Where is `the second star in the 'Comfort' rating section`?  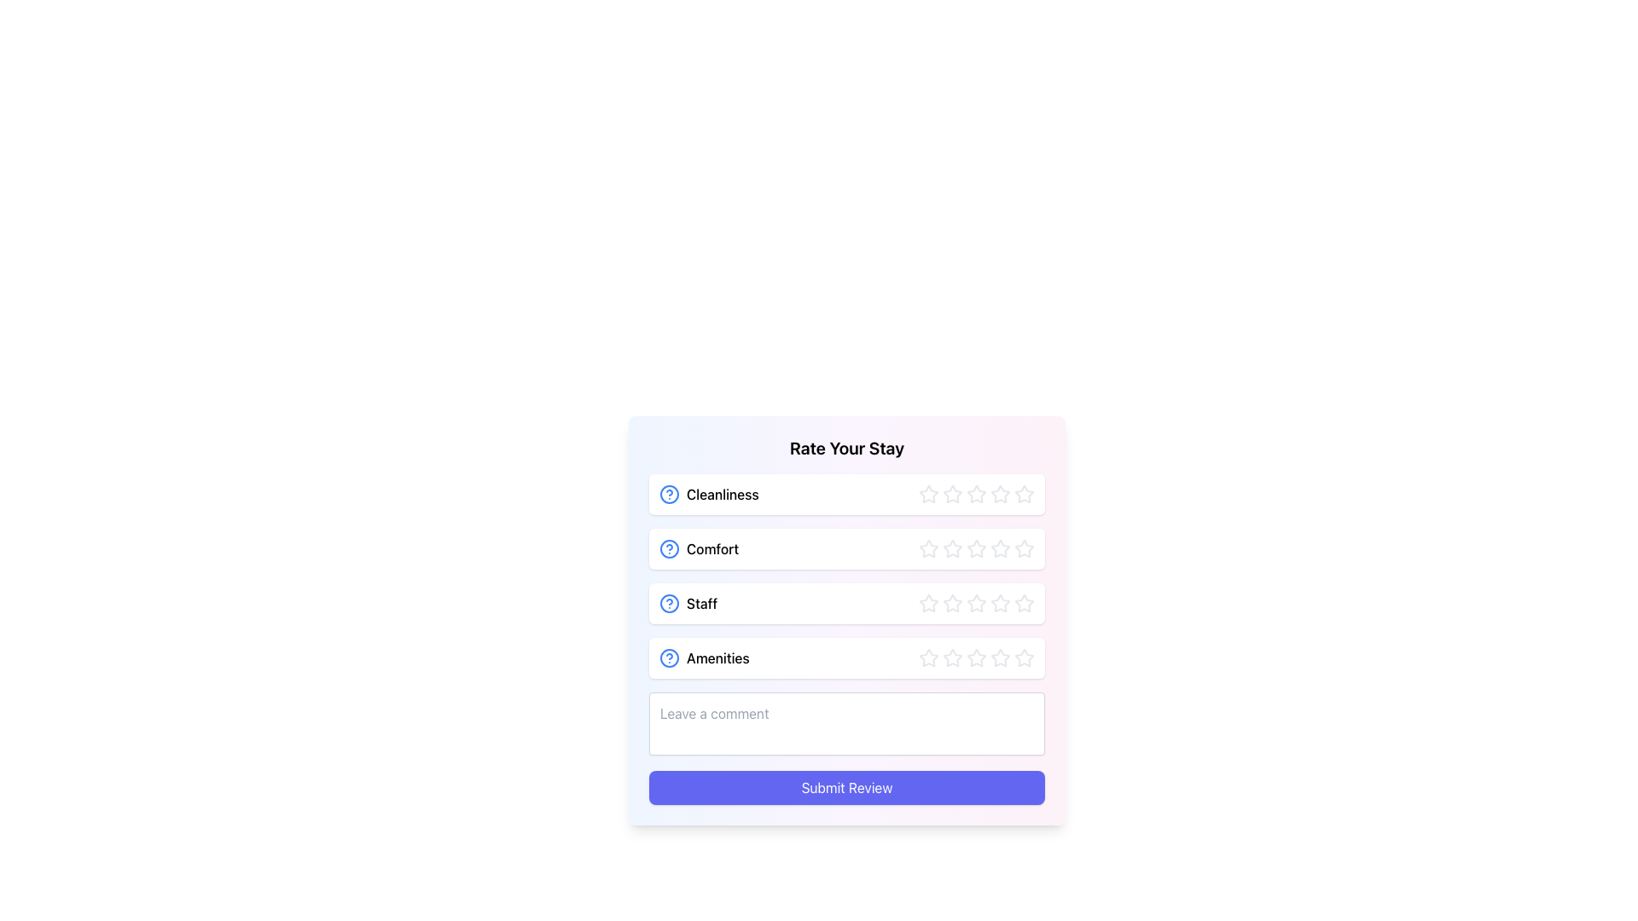 the second star in the 'Comfort' rating section is located at coordinates (977, 548).